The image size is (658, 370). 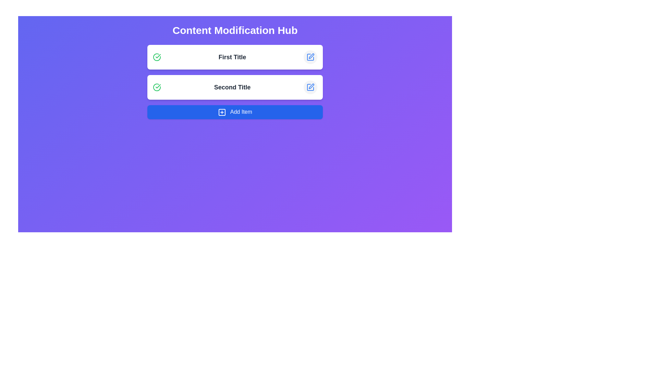 What do you see at coordinates (222, 112) in the screenshot?
I see `the icon located on the left side of the blue 'Add Item' button` at bounding box center [222, 112].